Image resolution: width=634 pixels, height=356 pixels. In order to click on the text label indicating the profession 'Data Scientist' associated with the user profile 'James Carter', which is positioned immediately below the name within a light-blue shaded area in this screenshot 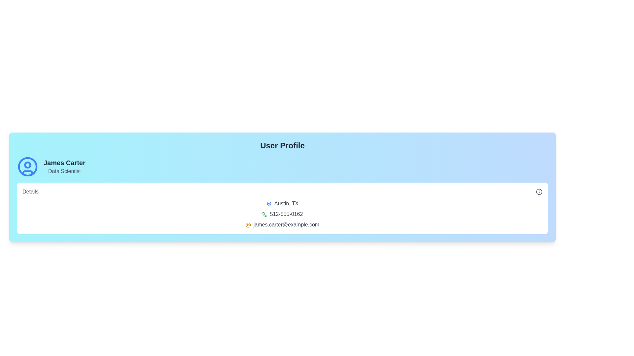, I will do `click(64, 171)`.